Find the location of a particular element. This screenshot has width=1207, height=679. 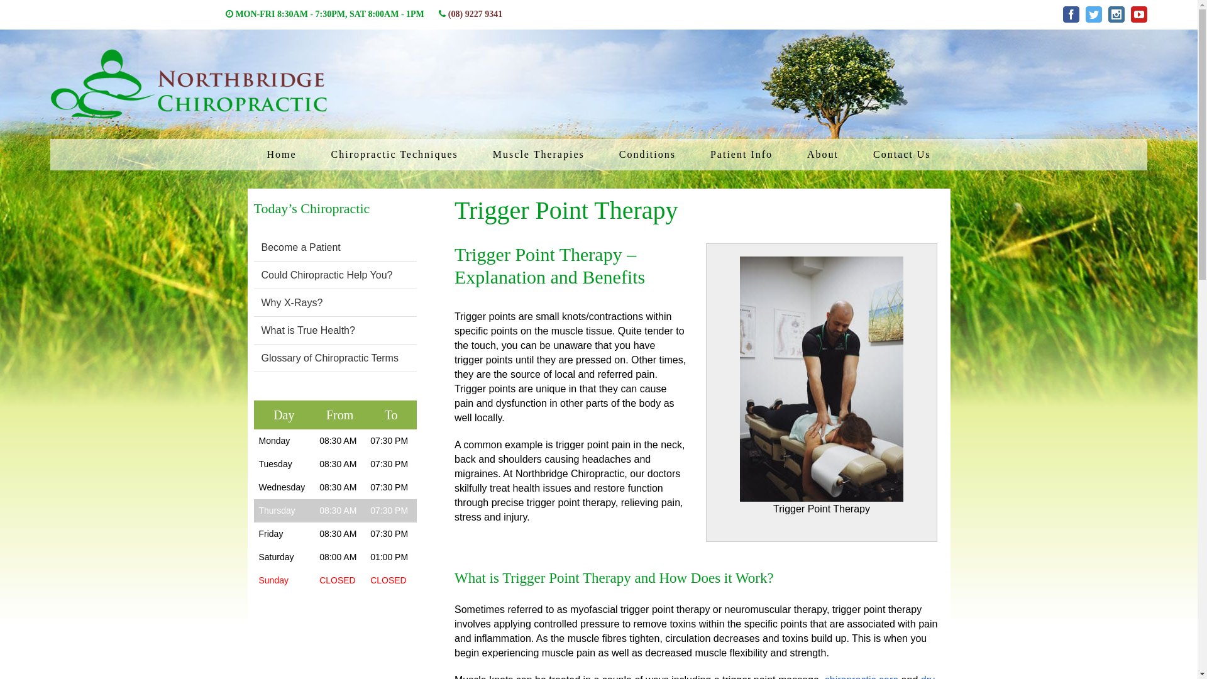

'Contact Us' is located at coordinates (901, 154).